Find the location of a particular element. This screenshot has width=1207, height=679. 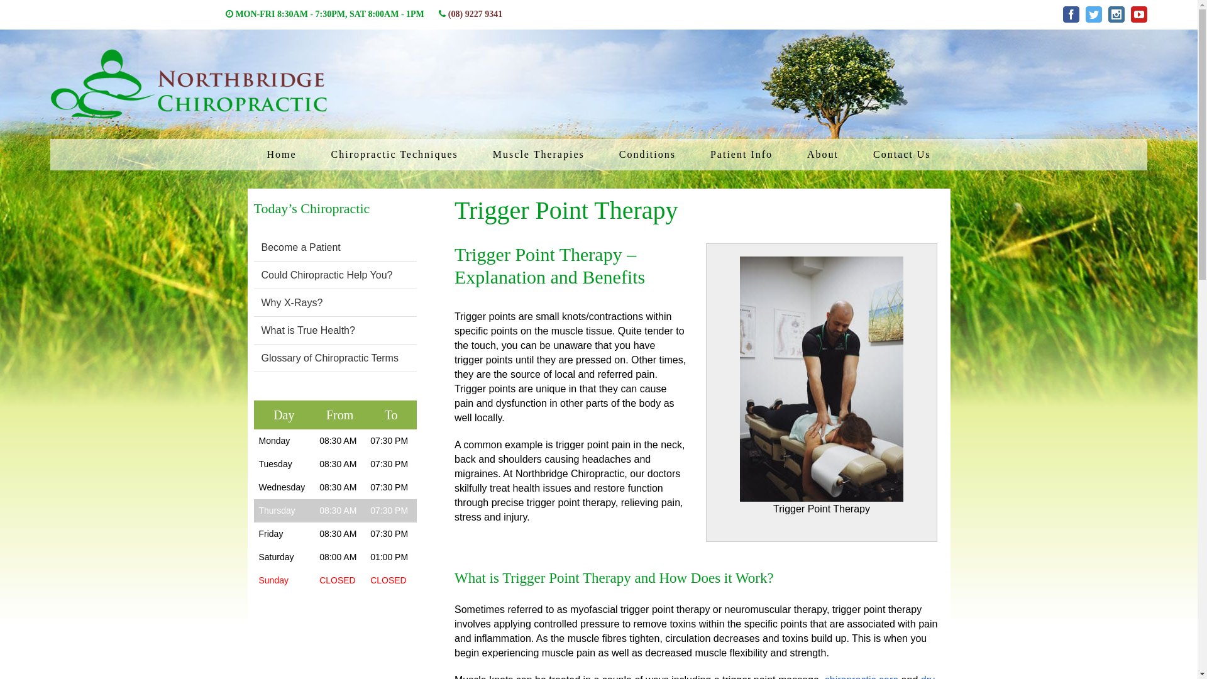

'Contact Us' is located at coordinates (901, 154).